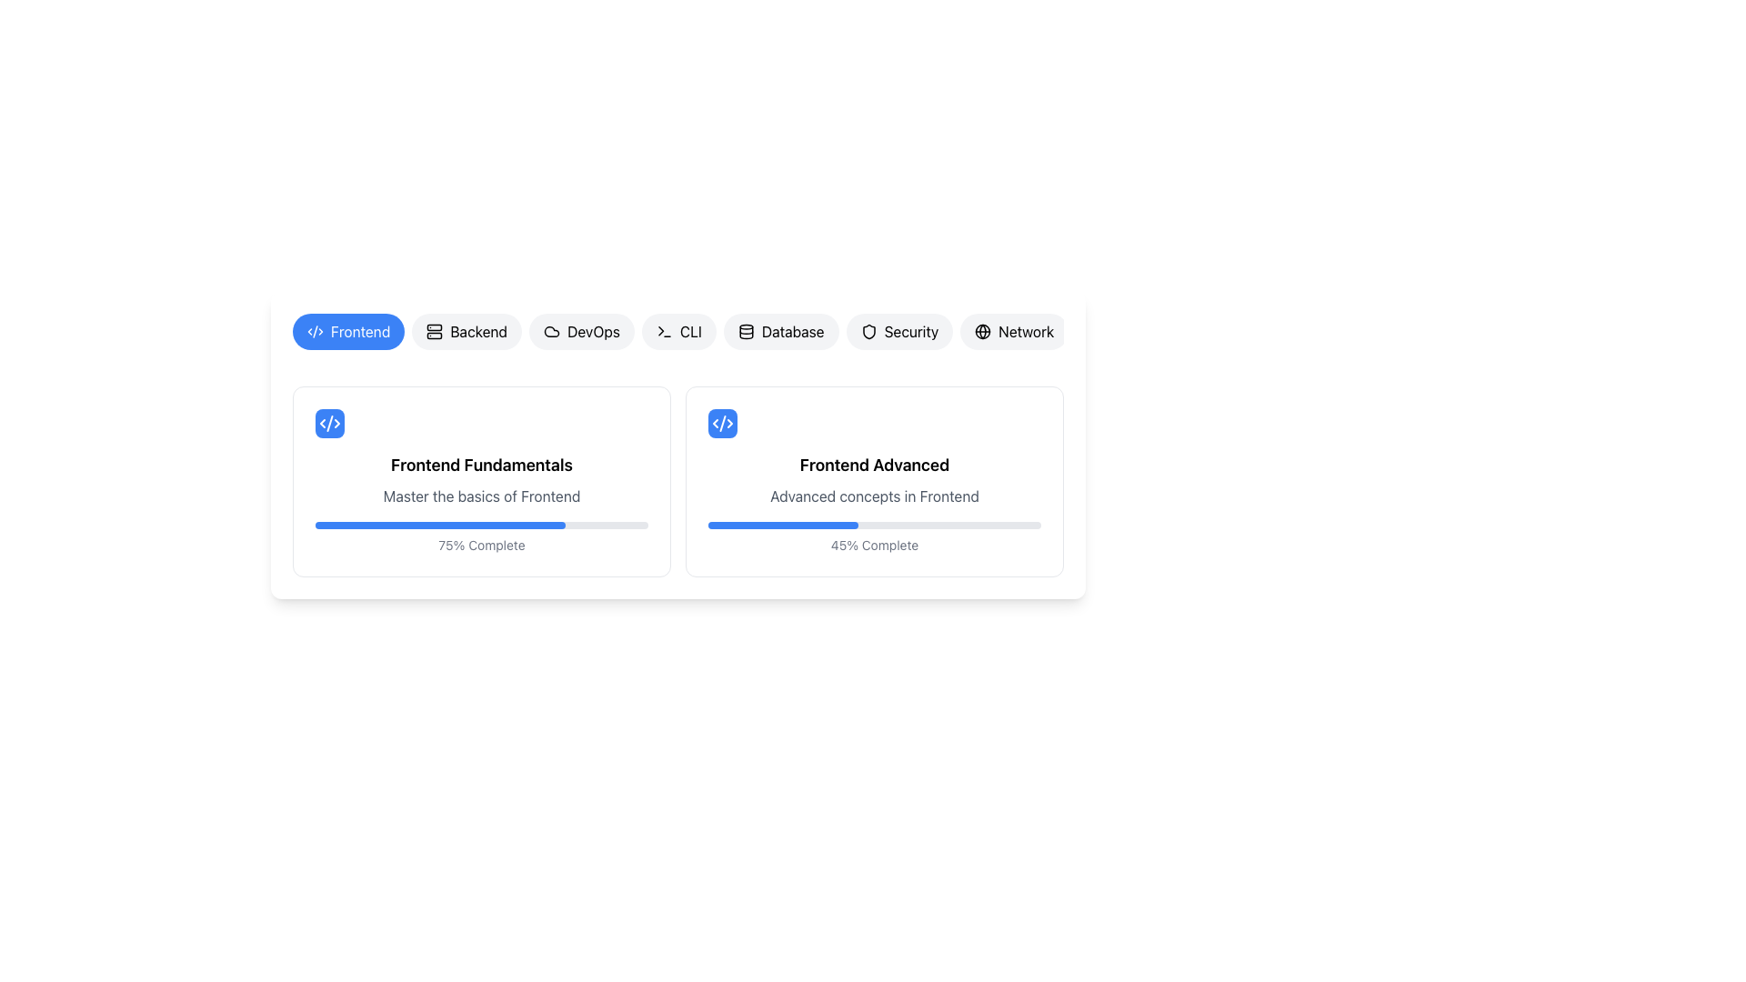 This screenshot has width=1746, height=982. What do you see at coordinates (434, 327) in the screenshot?
I see `the SVG rectangle element representing a server icon, which is located in the top section of the icon among other components, for future interactivity` at bounding box center [434, 327].